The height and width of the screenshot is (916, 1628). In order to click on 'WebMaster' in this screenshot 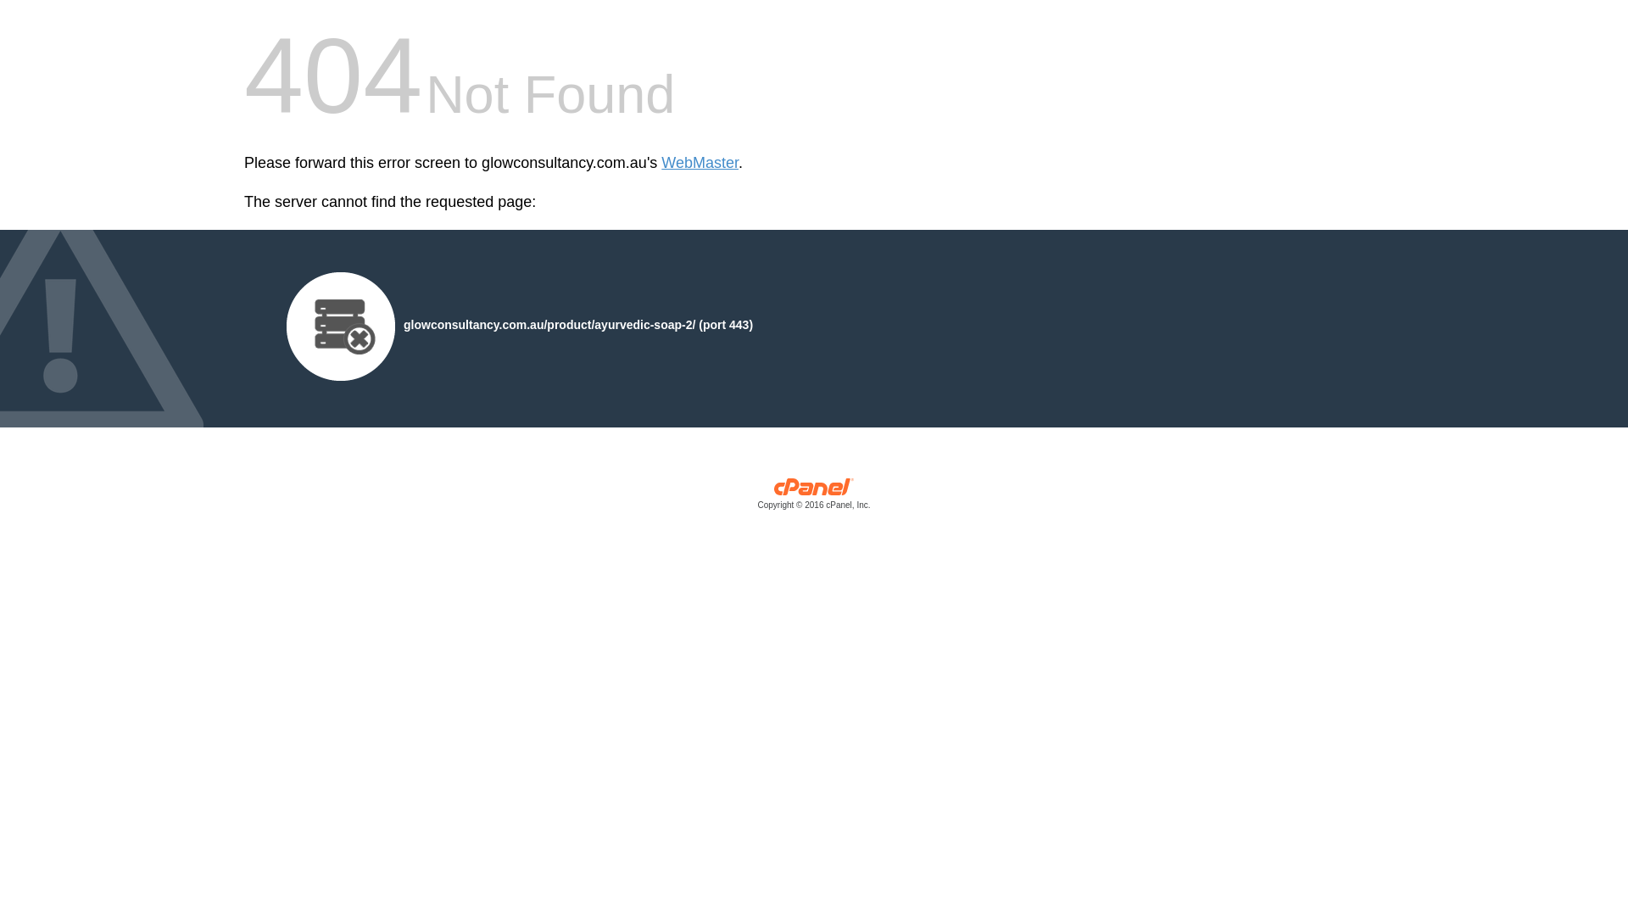, I will do `click(700, 163)`.